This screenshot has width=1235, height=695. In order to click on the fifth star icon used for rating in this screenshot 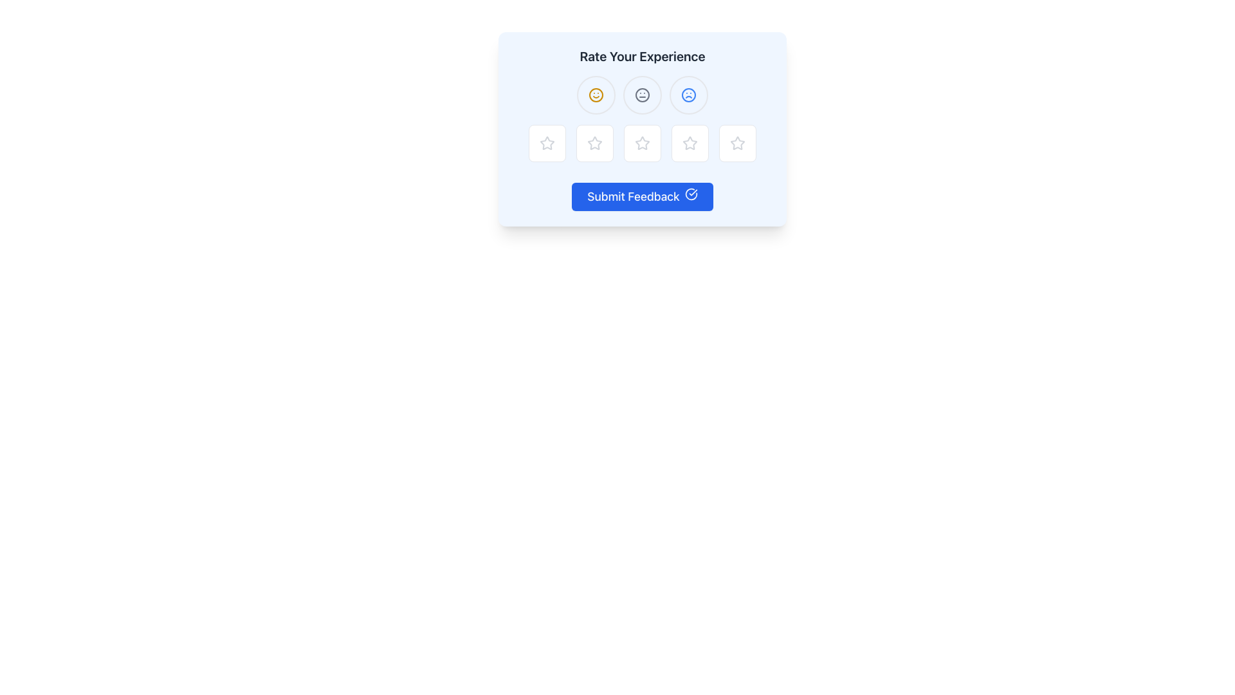, I will do `click(738, 144)`.